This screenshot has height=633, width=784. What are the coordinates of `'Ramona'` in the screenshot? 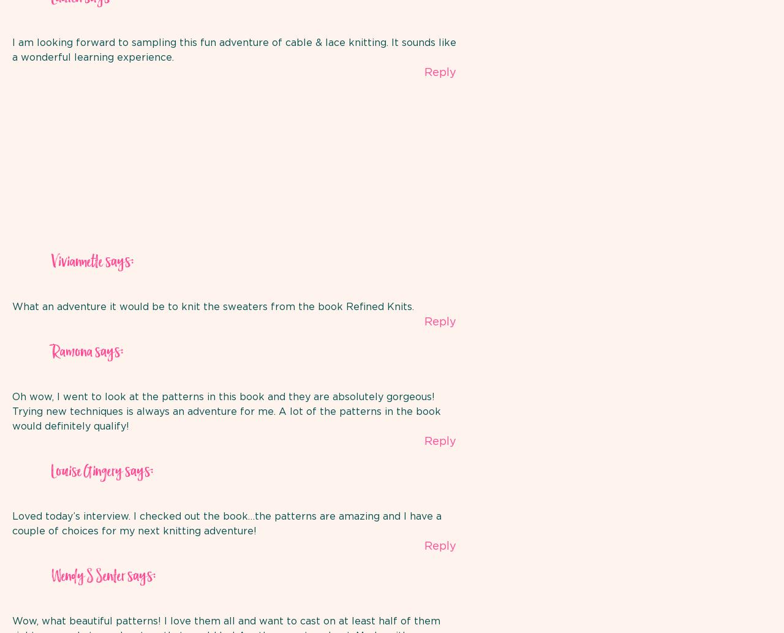 It's located at (71, 352).